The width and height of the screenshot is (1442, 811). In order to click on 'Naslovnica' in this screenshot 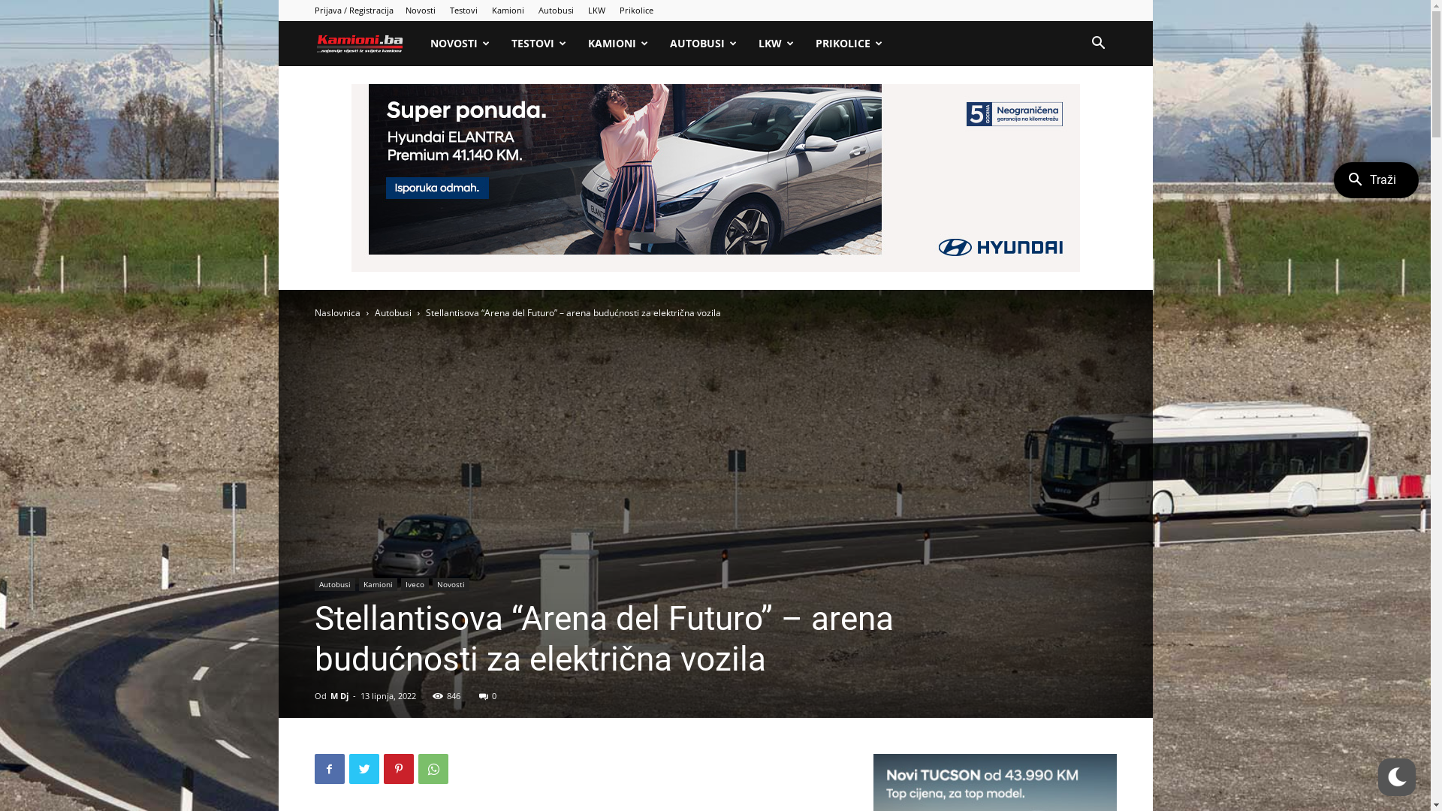, I will do `click(312, 312)`.